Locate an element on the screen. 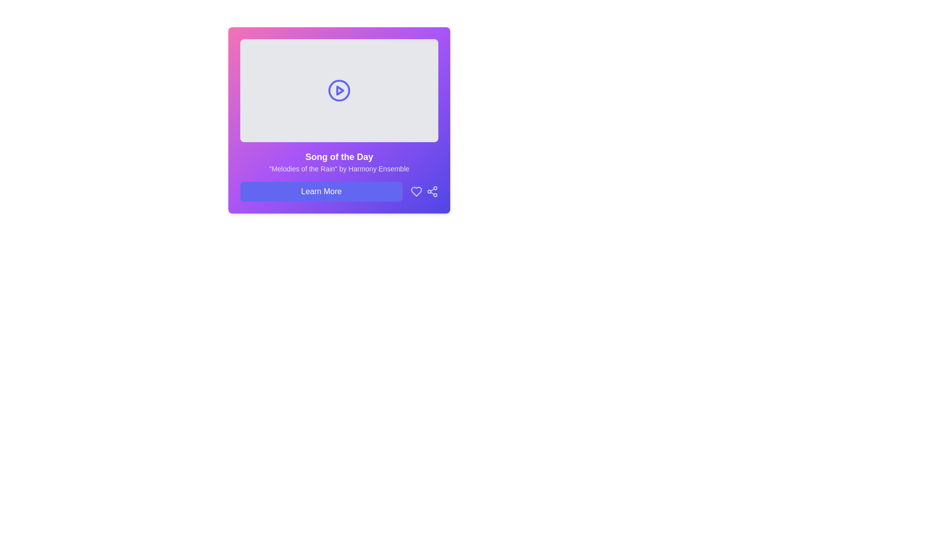 This screenshot has width=951, height=535. the share icon on the right side of the heart icon in the icon group, which is styled with white outlines on a purple background, located in the bottom-right corner of the UI is located at coordinates (424, 191).